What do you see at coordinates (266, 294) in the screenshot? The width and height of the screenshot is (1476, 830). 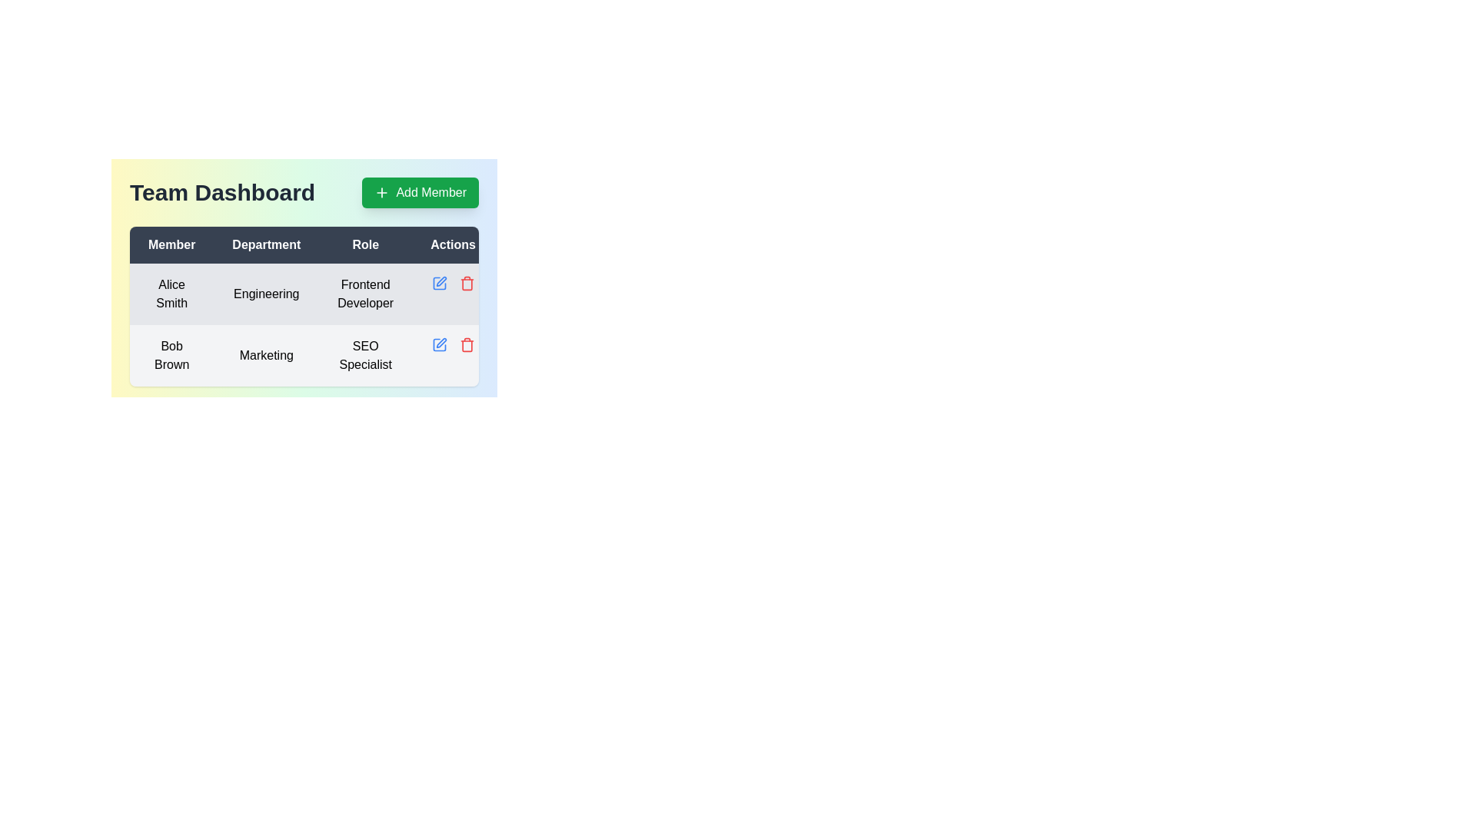 I see `the static text label displaying the 'Department' of Alice Smith, which is located in the second column of the first row in the table, positioned between 'Alice Smith' and 'Frontend Developer'` at bounding box center [266, 294].